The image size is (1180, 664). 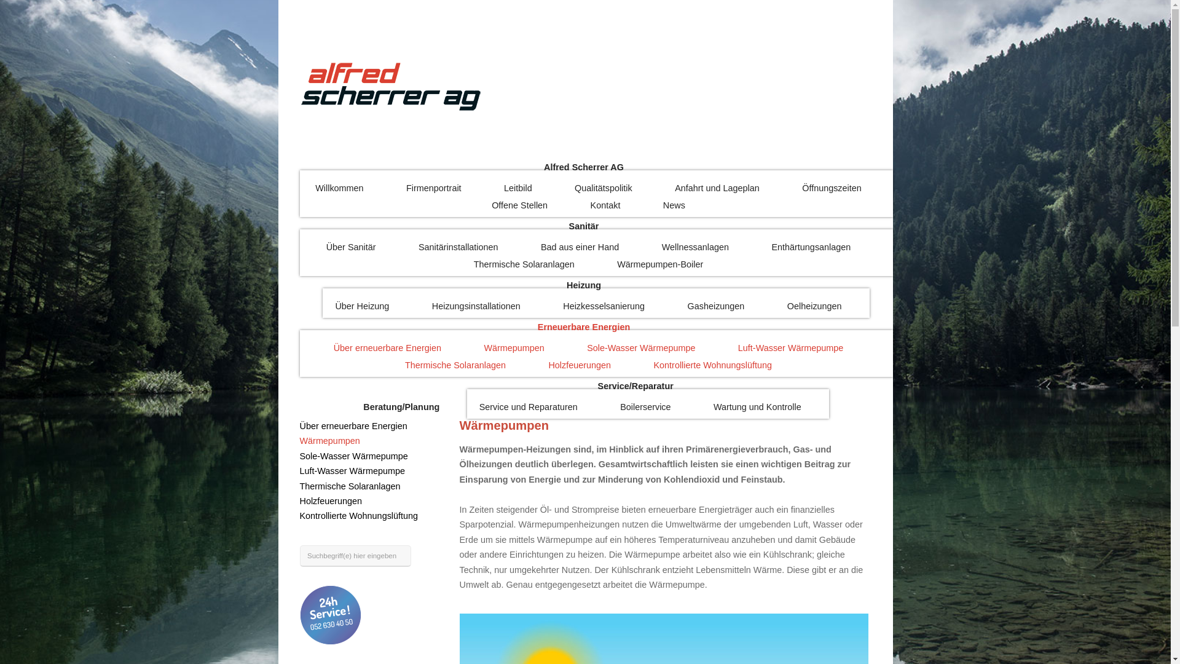 I want to click on 'Bad aus einer Hand', so click(x=579, y=250).